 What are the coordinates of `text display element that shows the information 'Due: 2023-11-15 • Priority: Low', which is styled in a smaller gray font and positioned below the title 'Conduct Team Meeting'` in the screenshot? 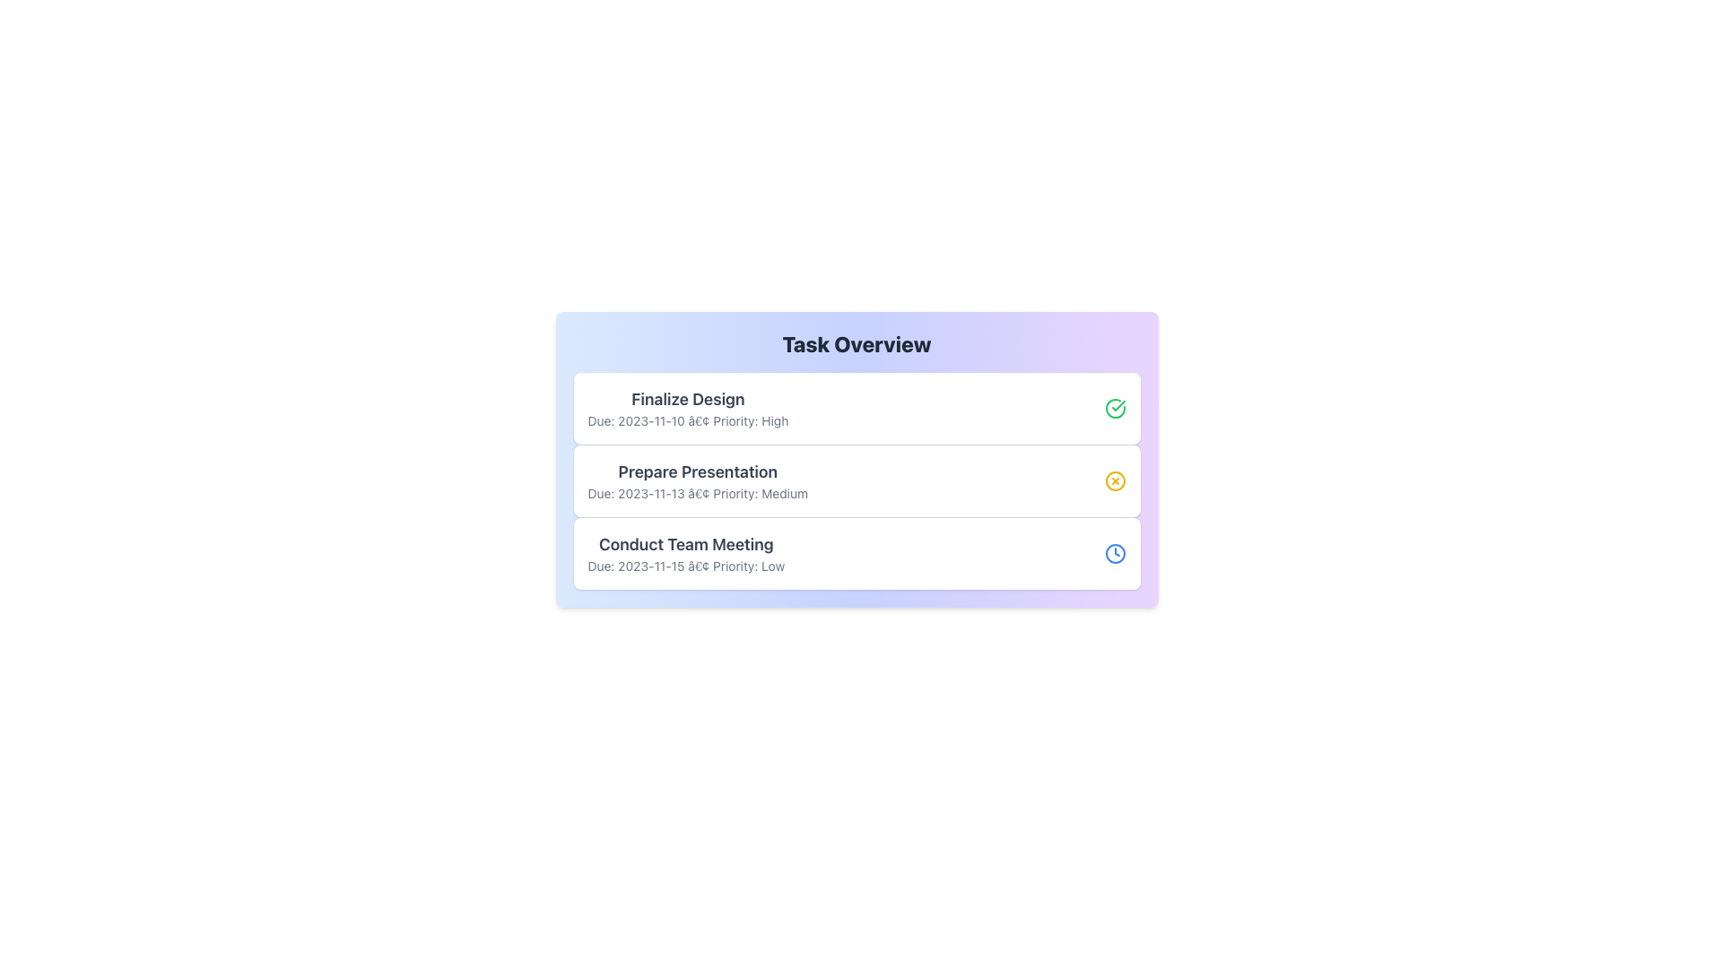 It's located at (685, 566).